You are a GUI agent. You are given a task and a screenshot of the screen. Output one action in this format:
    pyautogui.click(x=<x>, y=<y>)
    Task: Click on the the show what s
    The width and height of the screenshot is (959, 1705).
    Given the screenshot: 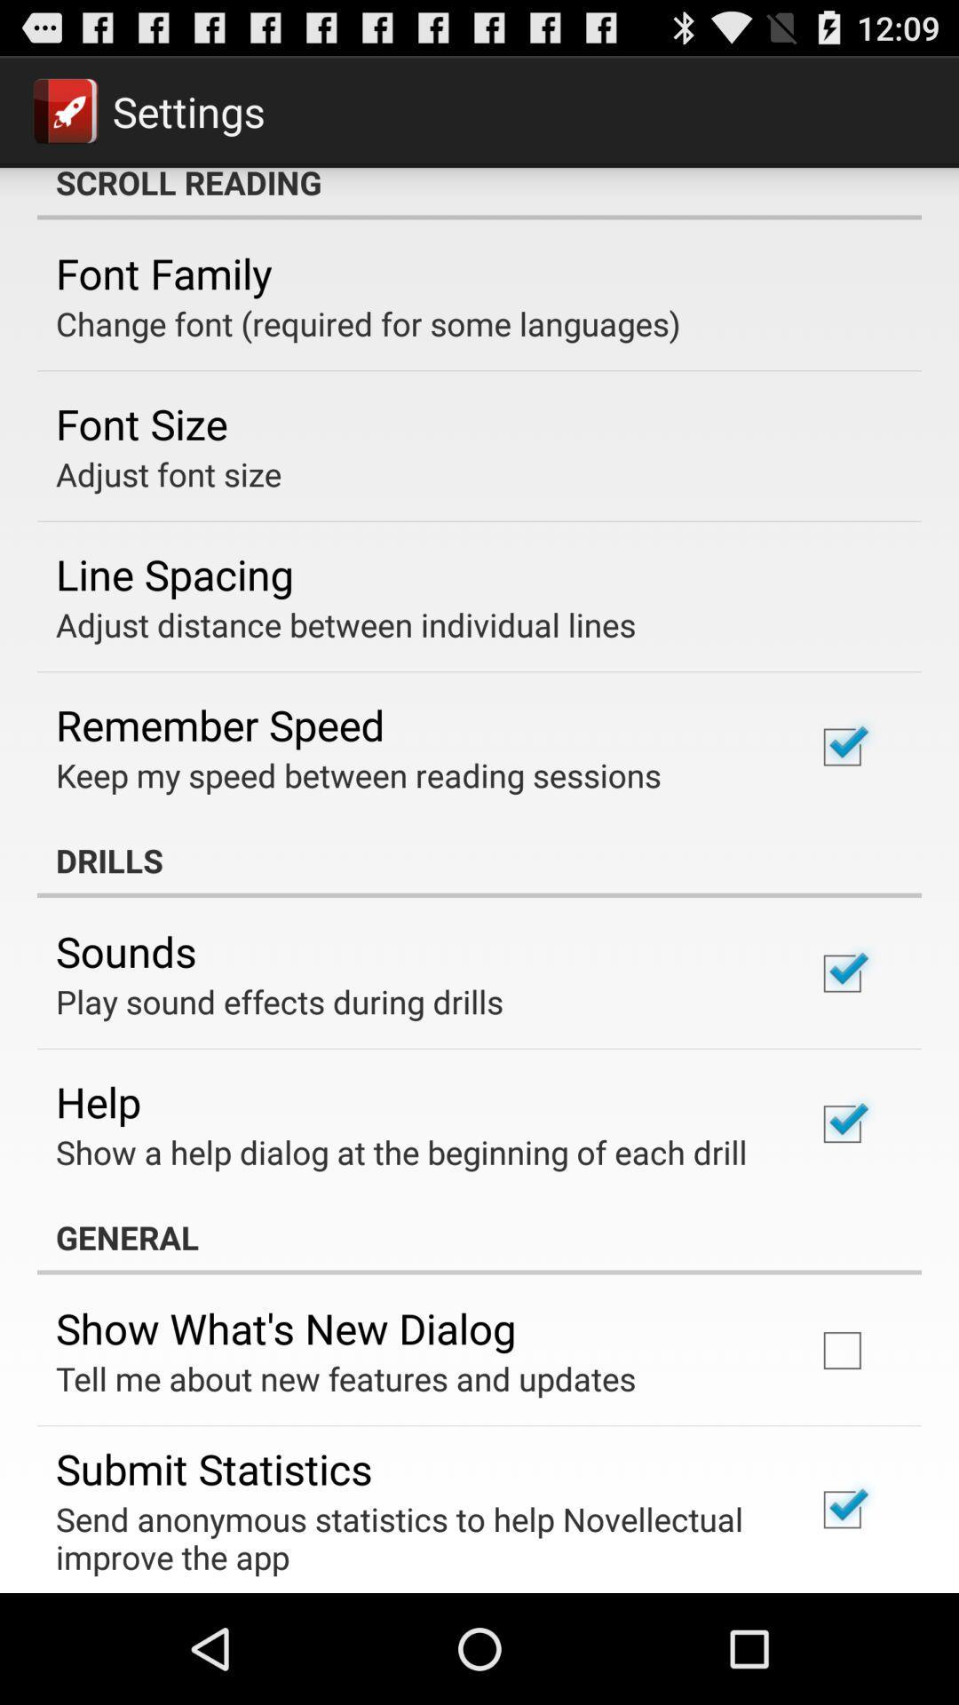 What is the action you would take?
    pyautogui.click(x=285, y=1328)
    